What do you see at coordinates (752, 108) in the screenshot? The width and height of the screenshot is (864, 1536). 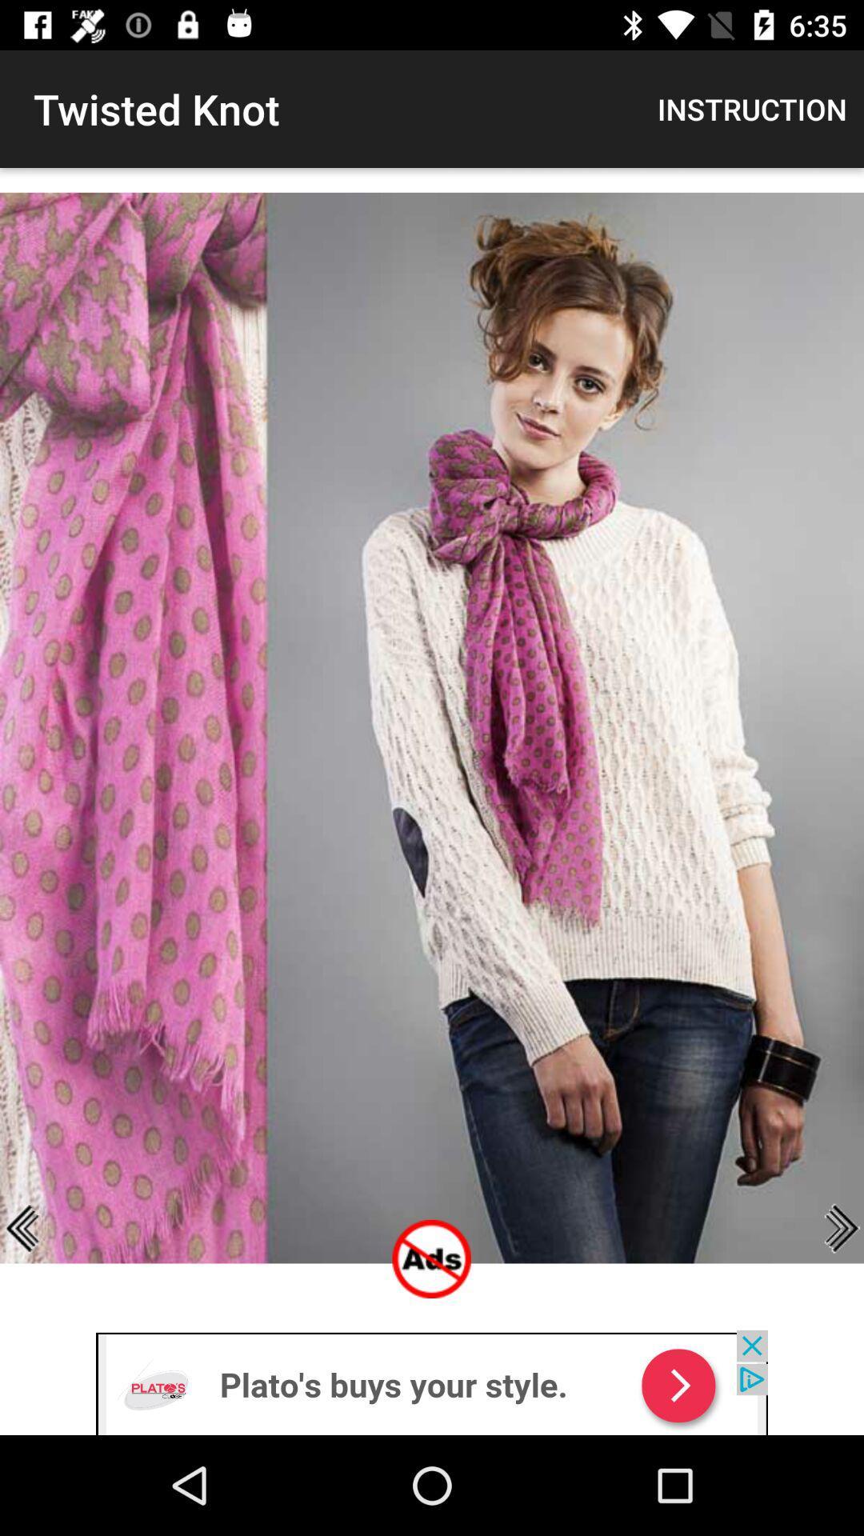 I see `the instruction item` at bounding box center [752, 108].